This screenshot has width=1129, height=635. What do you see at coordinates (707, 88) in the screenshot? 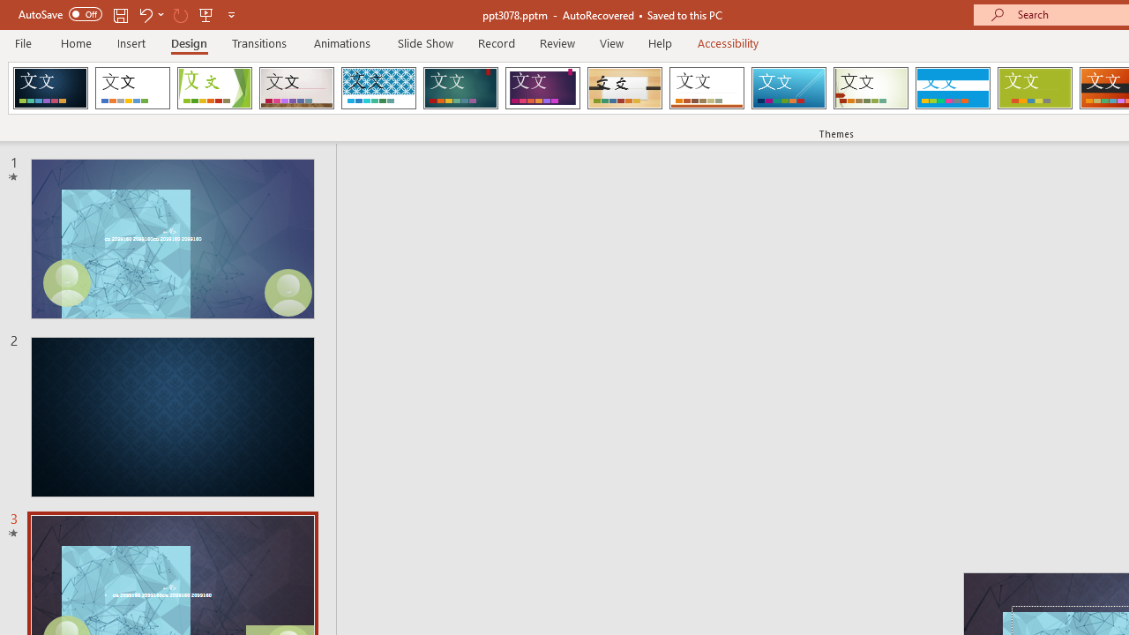
I see `'Retrospect'` at bounding box center [707, 88].